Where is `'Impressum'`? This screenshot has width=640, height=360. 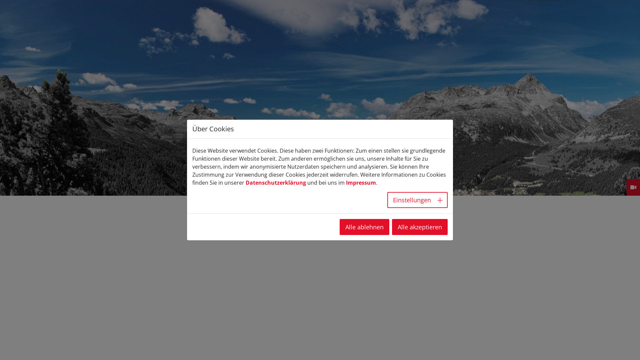
'Impressum' is located at coordinates (346, 182).